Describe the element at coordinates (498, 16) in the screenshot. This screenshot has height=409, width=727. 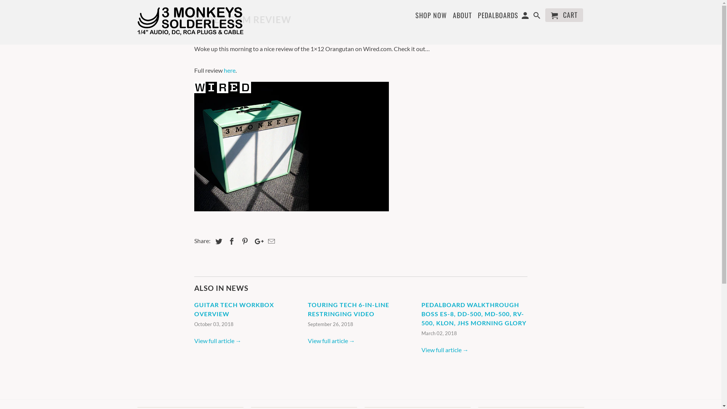
I see `'PEDALBOARDS'` at that location.